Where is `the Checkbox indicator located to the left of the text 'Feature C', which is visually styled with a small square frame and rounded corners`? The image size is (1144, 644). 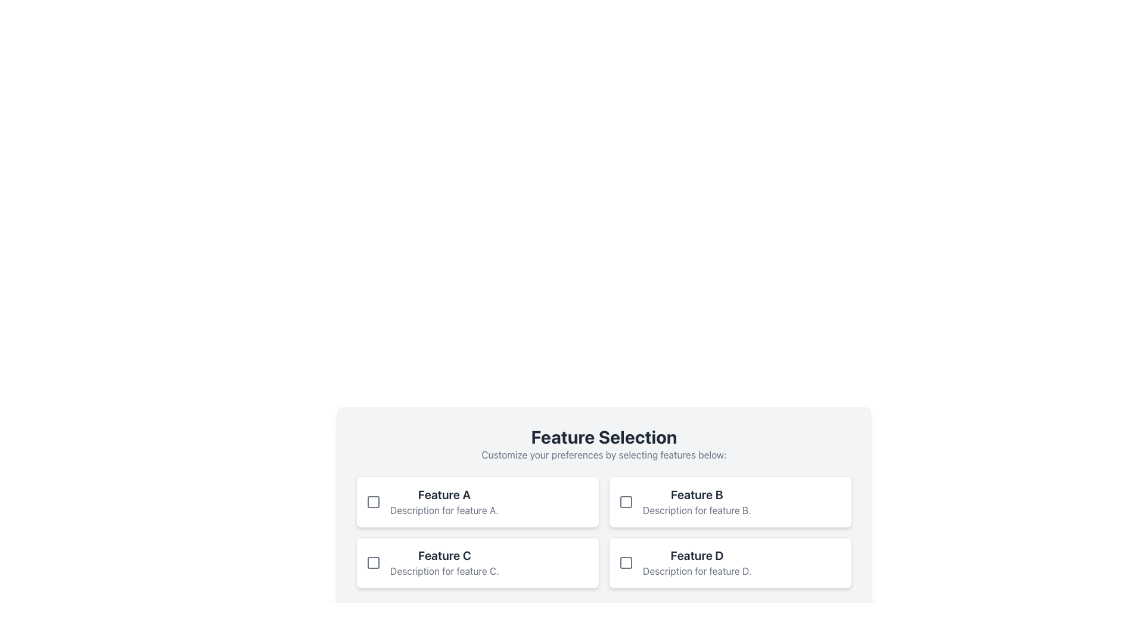 the Checkbox indicator located to the left of the text 'Feature C', which is visually styled with a small square frame and rounded corners is located at coordinates (373, 563).